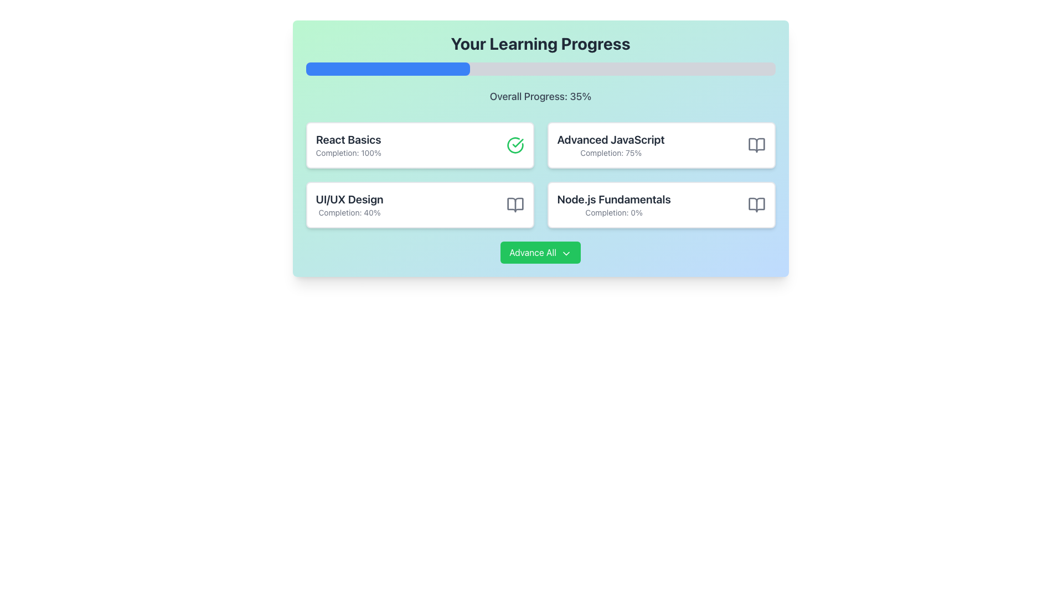 The height and width of the screenshot is (597, 1063). What do you see at coordinates (514, 144) in the screenshot?
I see `the completion status icon for the 'React Basics' module located in the top-left card of the 'Your Learning Progress' section, positioned to the right of the module title and completion text` at bounding box center [514, 144].